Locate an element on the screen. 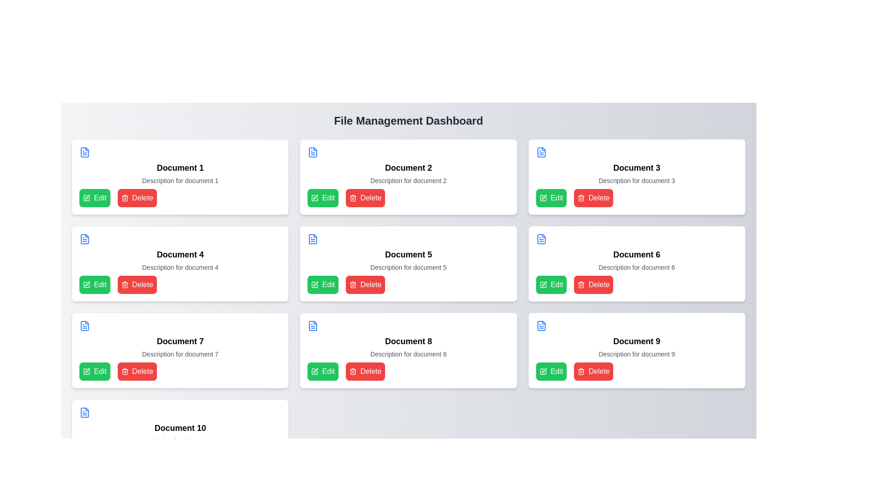 The height and width of the screenshot is (493, 876). the red trash bin icon within the 'Delete' button is located at coordinates (581, 371).